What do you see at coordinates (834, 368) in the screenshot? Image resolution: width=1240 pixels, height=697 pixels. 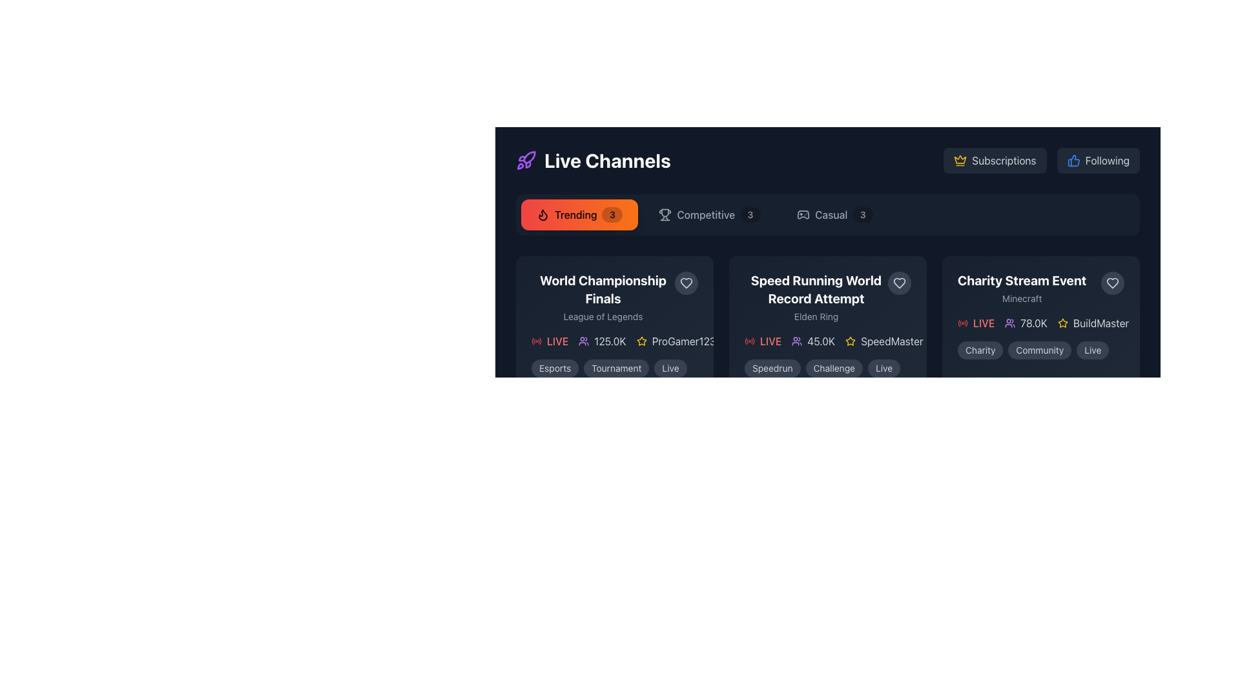 I see `text of the second label or tag that categorizes content related to the 'Speed Running World Record Attempt', positioned between 'Speedrun' and 'Live'` at bounding box center [834, 368].